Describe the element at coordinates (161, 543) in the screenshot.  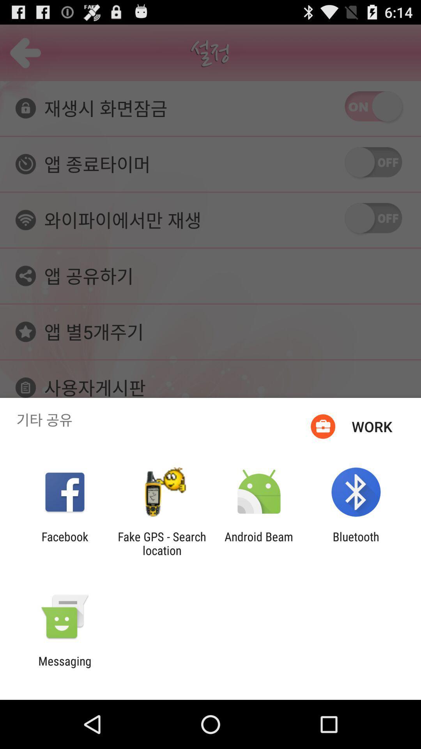
I see `the item next to facebook` at that location.